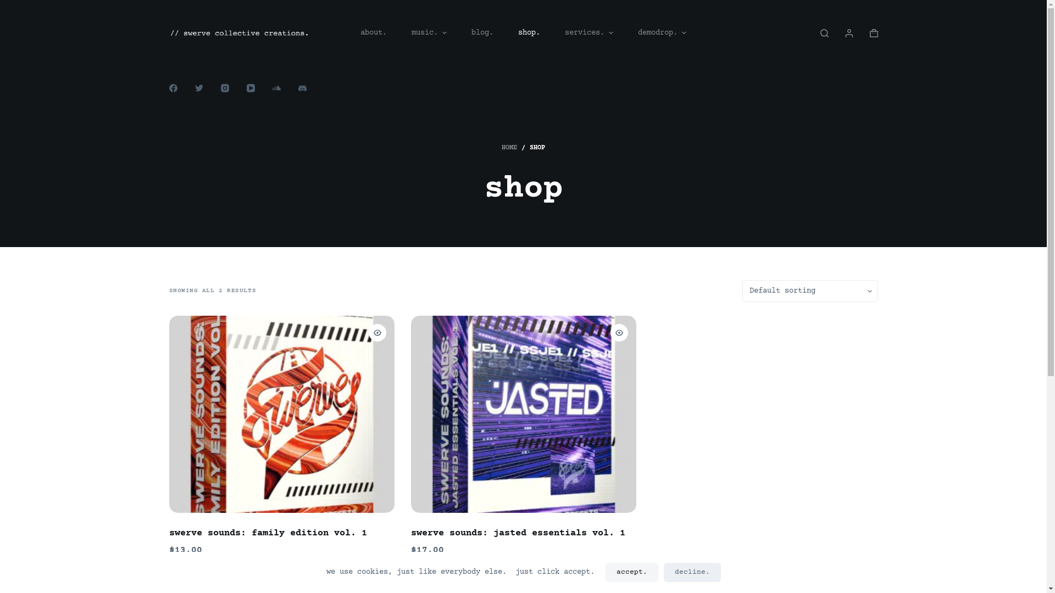  I want to click on 'decline.', so click(691, 572).